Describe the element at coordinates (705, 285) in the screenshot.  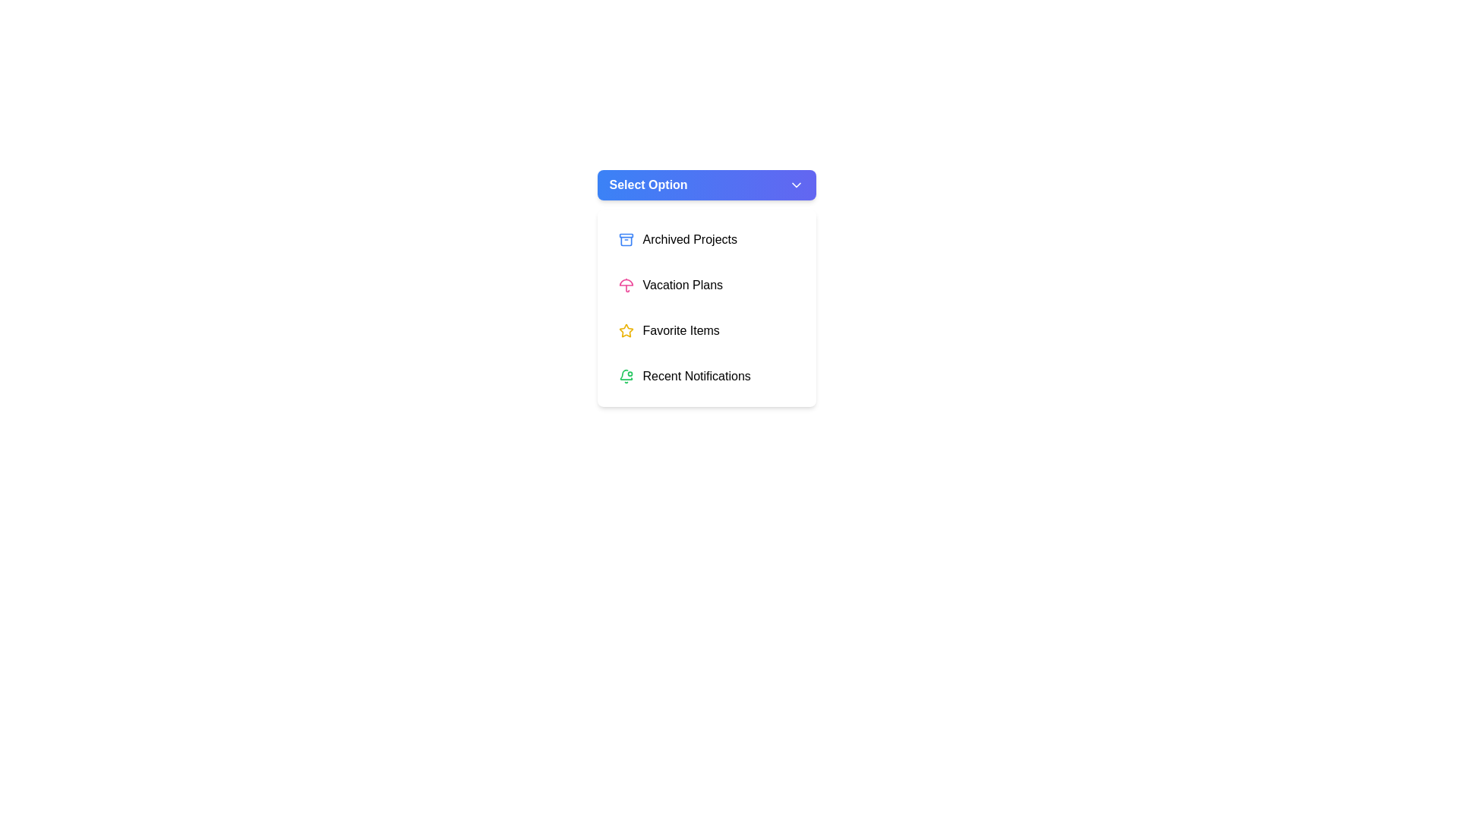
I see `the menu item Vacation Plans` at that location.